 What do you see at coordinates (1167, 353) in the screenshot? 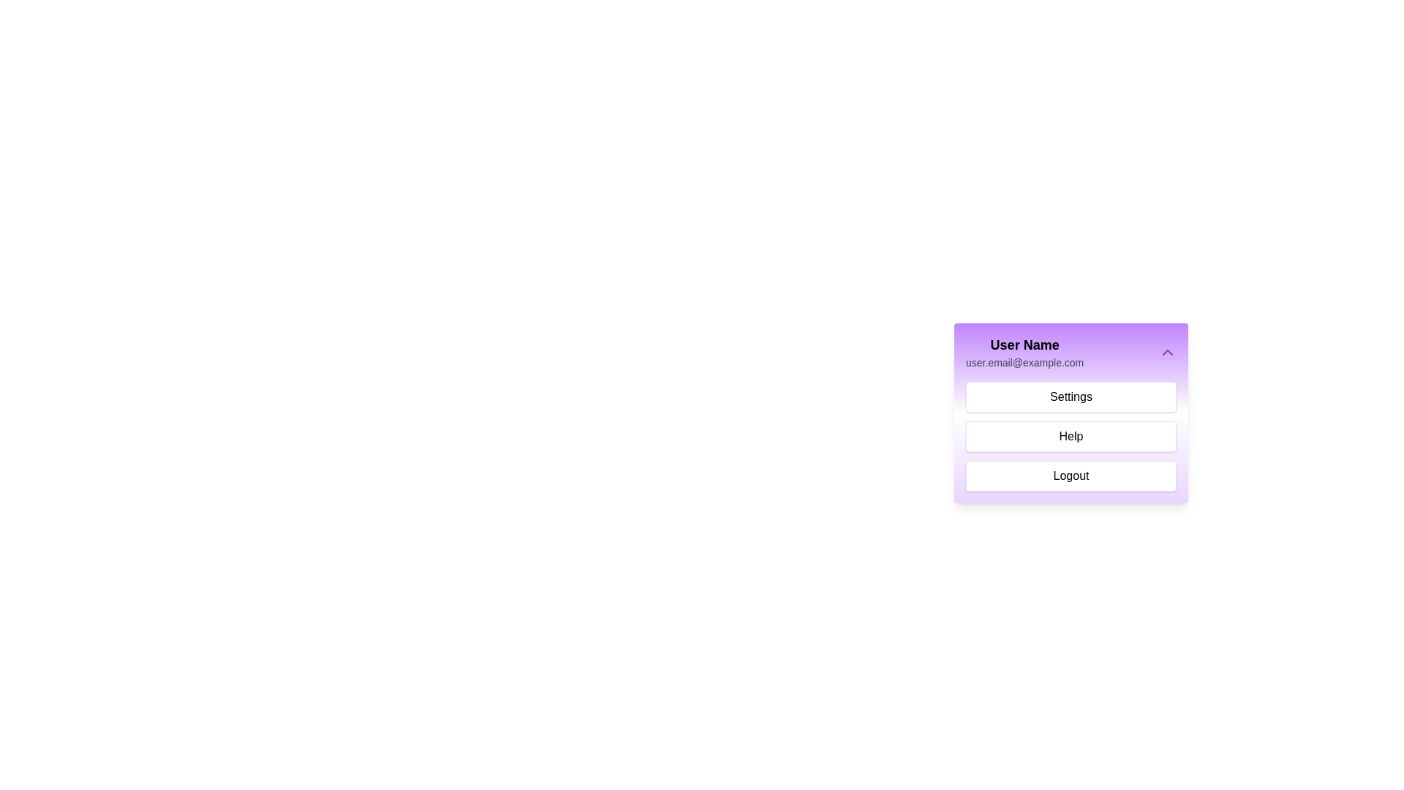
I see `the chevron button to toggle the menu visibility` at bounding box center [1167, 353].